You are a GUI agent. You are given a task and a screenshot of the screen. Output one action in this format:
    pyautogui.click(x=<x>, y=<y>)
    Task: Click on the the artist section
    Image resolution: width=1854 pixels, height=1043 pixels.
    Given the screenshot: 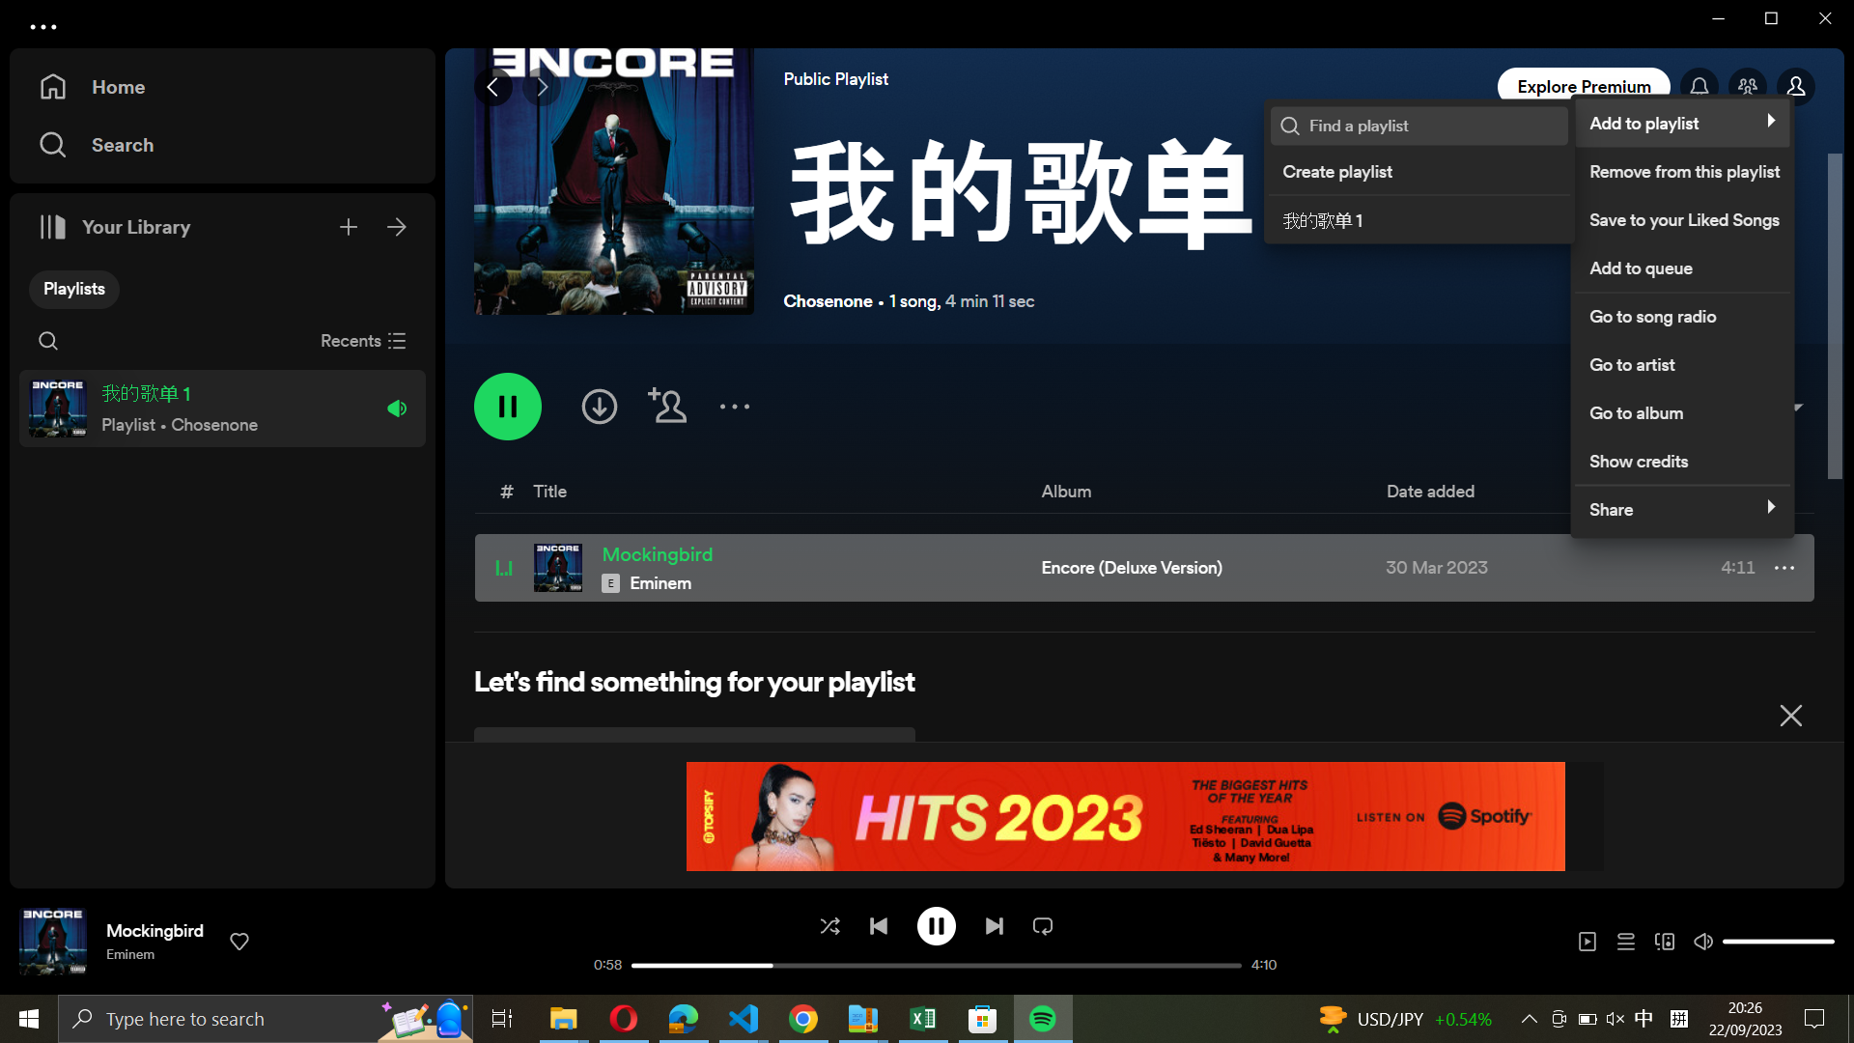 What is the action you would take?
    pyautogui.click(x=1680, y=361)
    